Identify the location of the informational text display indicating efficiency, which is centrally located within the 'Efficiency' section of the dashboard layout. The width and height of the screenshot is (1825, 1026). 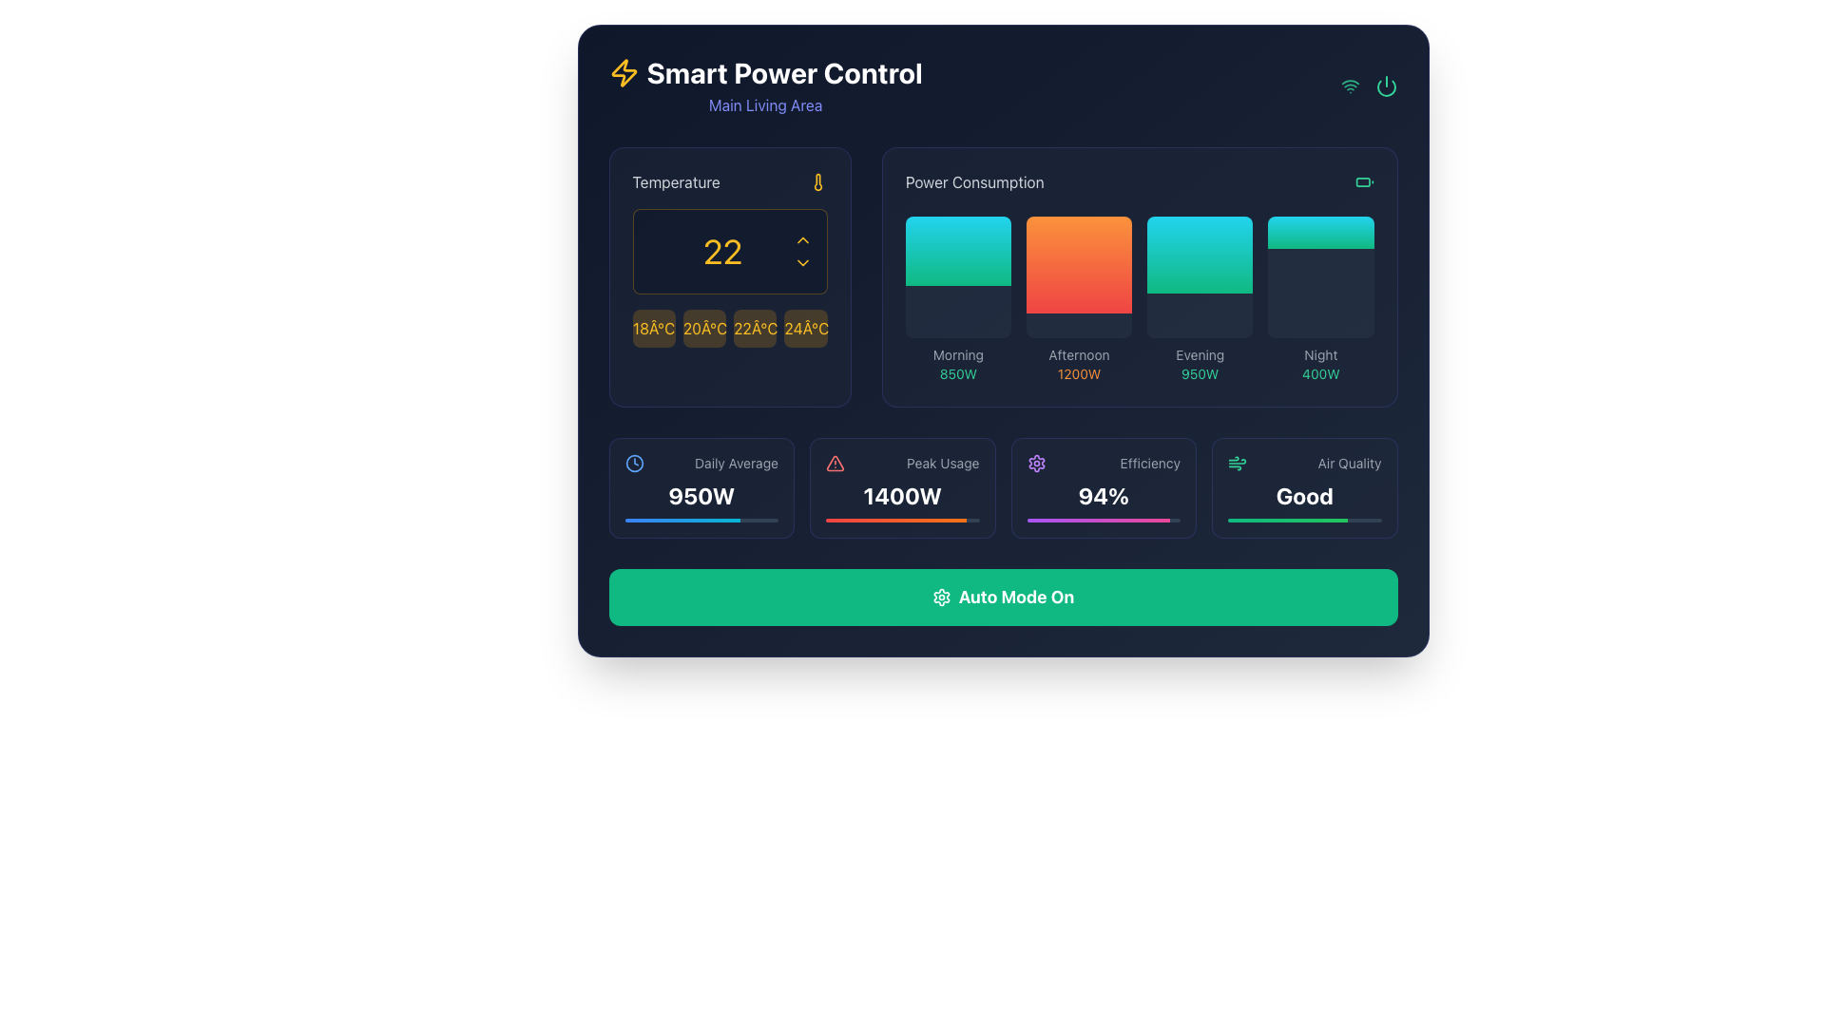
(1104, 494).